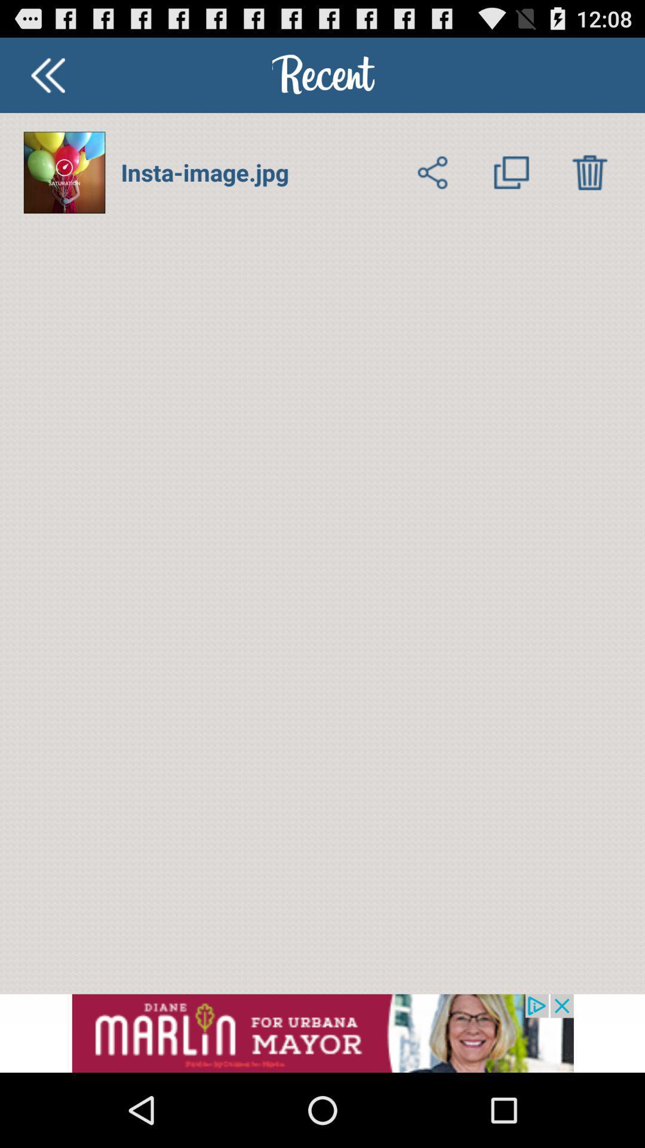 The height and width of the screenshot is (1148, 645). What do you see at coordinates (433, 172) in the screenshot?
I see `share button` at bounding box center [433, 172].